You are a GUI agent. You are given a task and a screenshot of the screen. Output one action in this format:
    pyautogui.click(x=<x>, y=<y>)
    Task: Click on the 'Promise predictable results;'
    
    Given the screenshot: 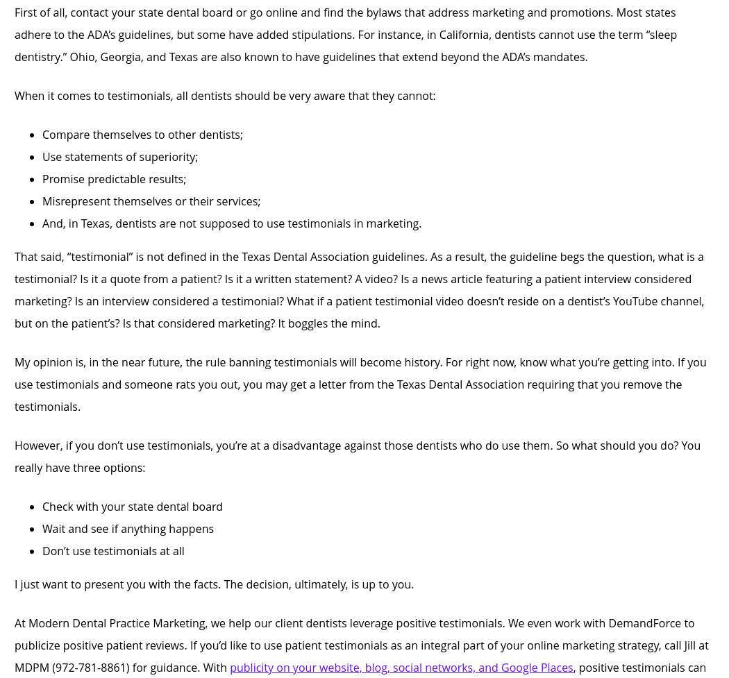 What is the action you would take?
    pyautogui.click(x=114, y=178)
    